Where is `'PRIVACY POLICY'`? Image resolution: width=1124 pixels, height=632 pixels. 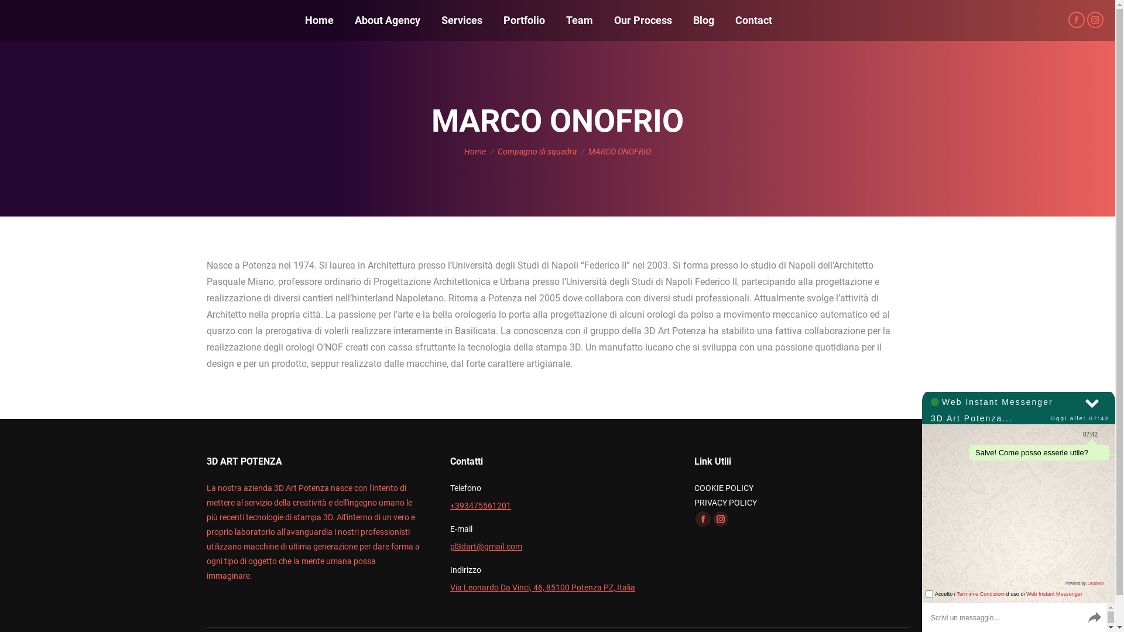 'PRIVACY POLICY' is located at coordinates (725, 502).